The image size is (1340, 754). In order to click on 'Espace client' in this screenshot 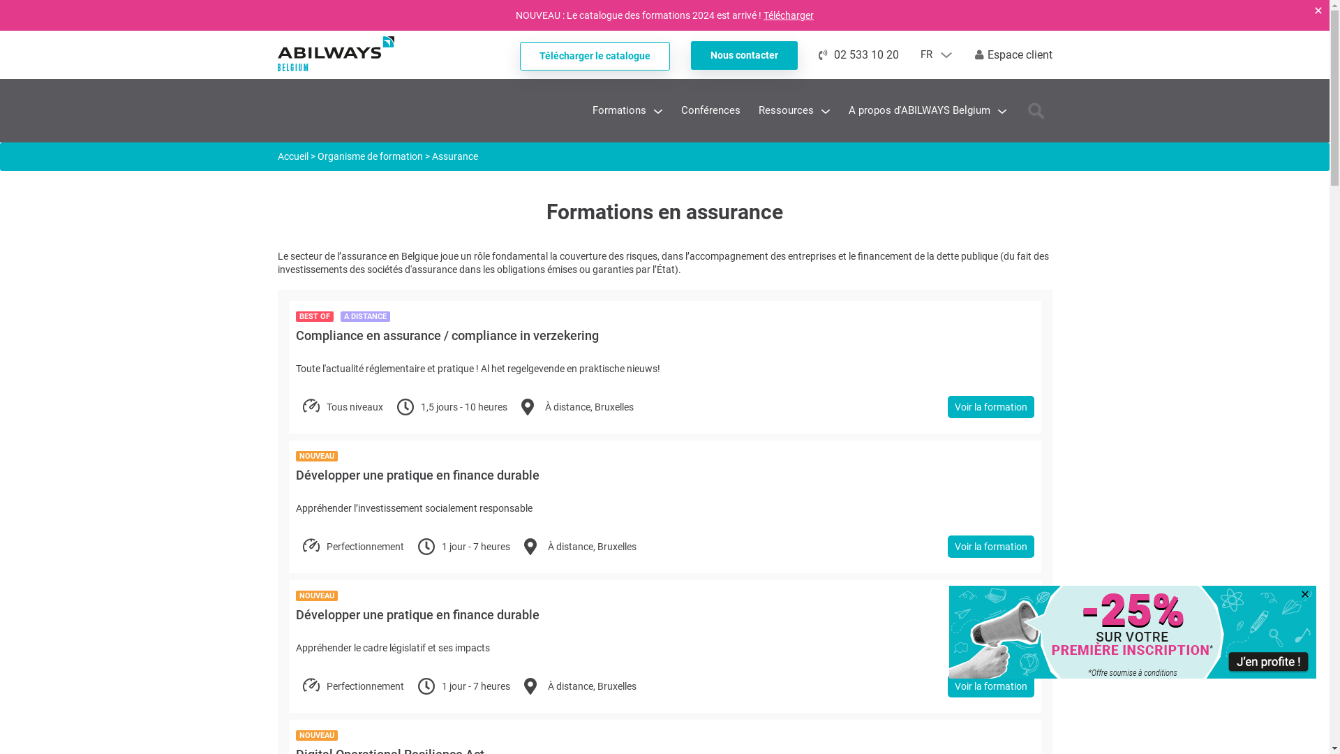, I will do `click(1013, 54)`.